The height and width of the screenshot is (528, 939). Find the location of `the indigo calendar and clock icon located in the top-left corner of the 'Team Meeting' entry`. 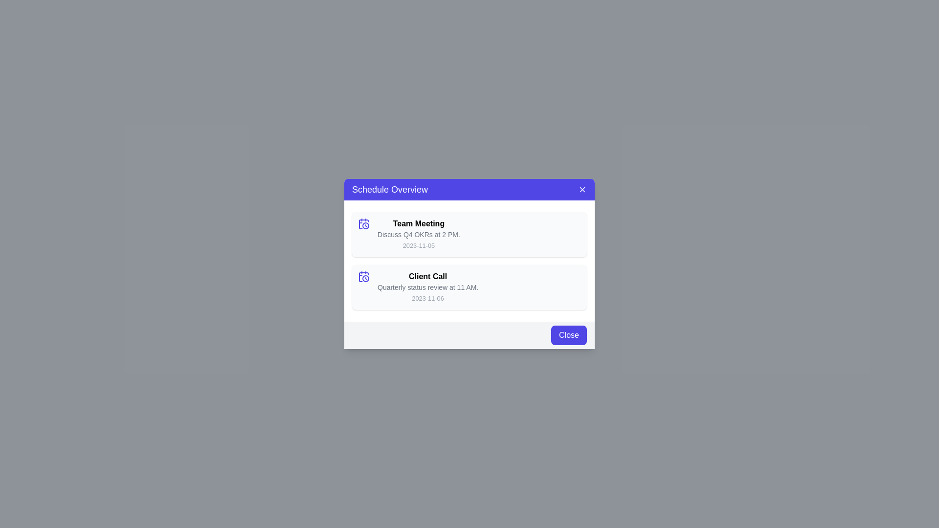

the indigo calendar and clock icon located in the top-left corner of the 'Team Meeting' entry is located at coordinates (363, 224).